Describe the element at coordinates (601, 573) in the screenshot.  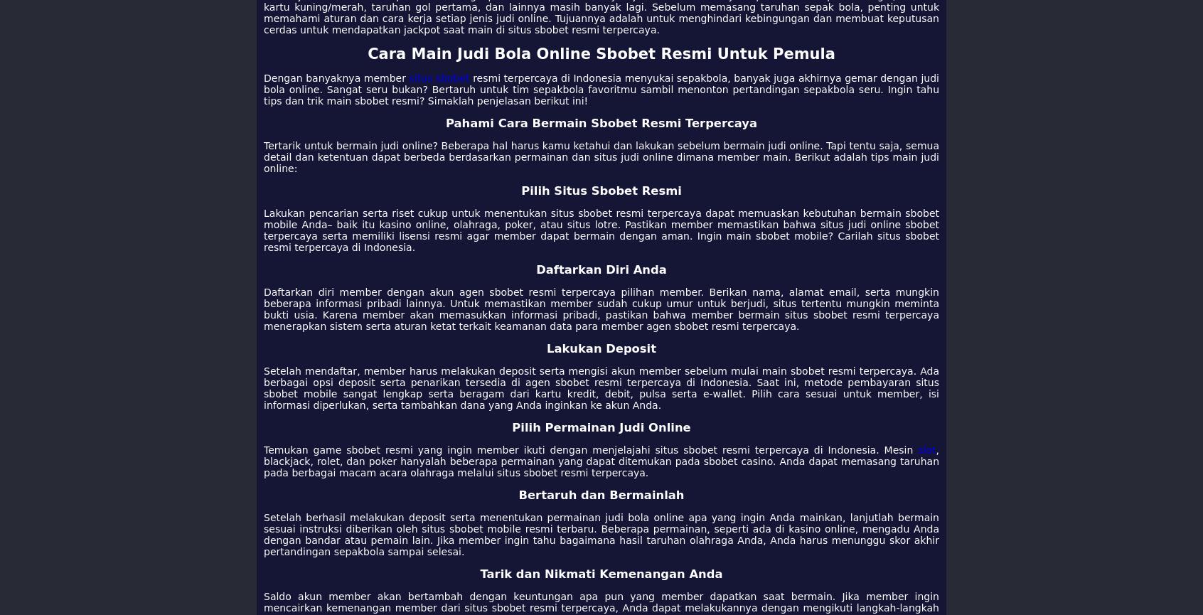
I see `'Tarik dan Nikmati Kemenangan Anda'` at that location.